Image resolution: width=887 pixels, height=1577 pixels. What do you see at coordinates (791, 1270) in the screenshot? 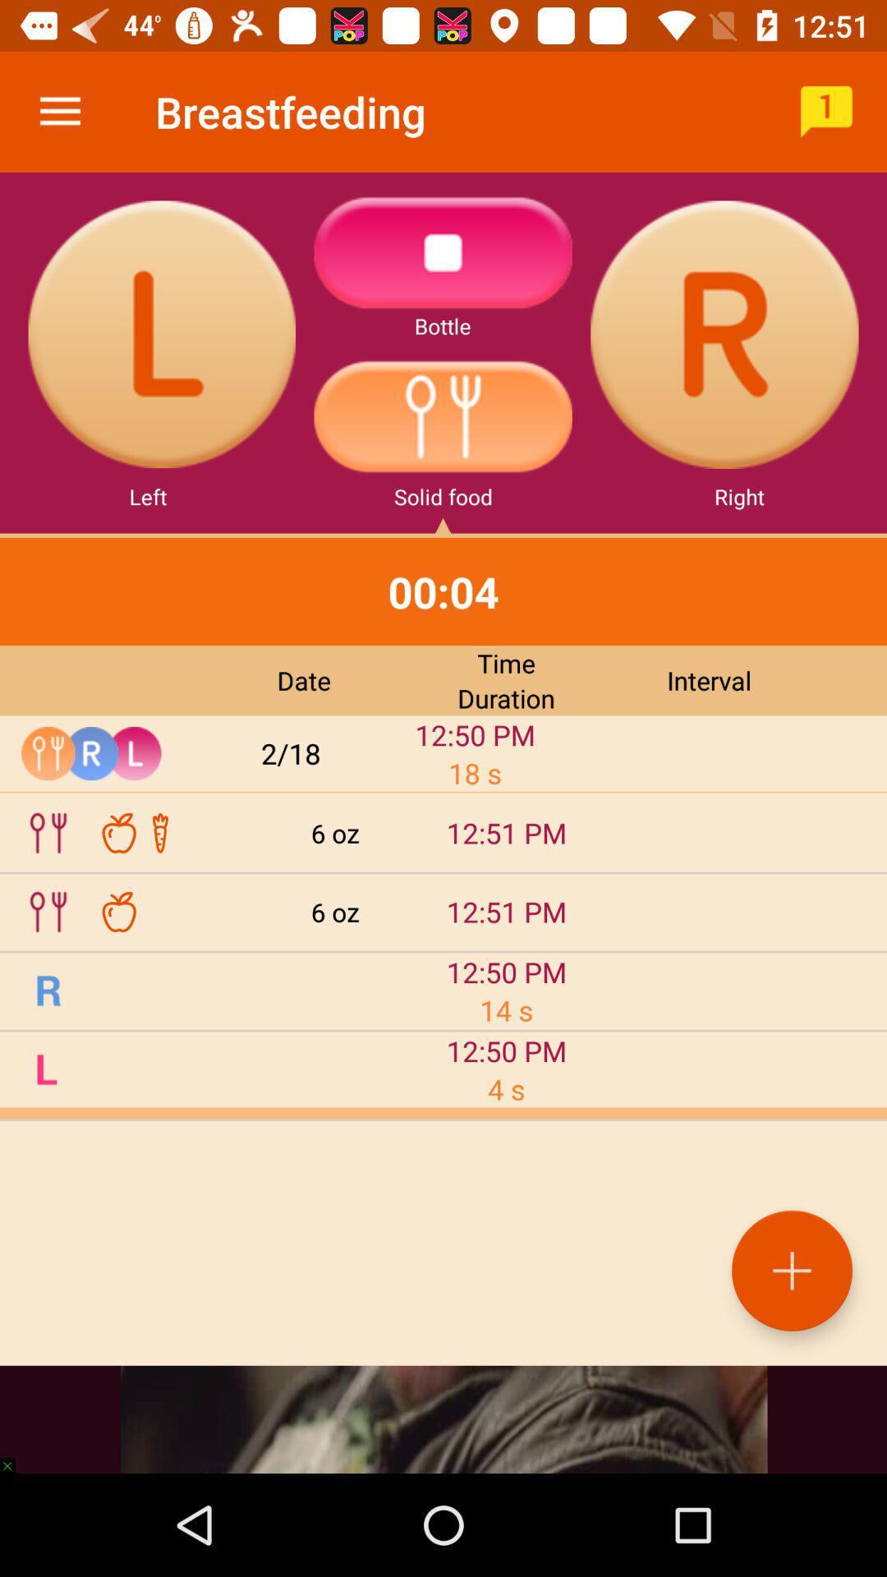
I see `the add icon` at bounding box center [791, 1270].